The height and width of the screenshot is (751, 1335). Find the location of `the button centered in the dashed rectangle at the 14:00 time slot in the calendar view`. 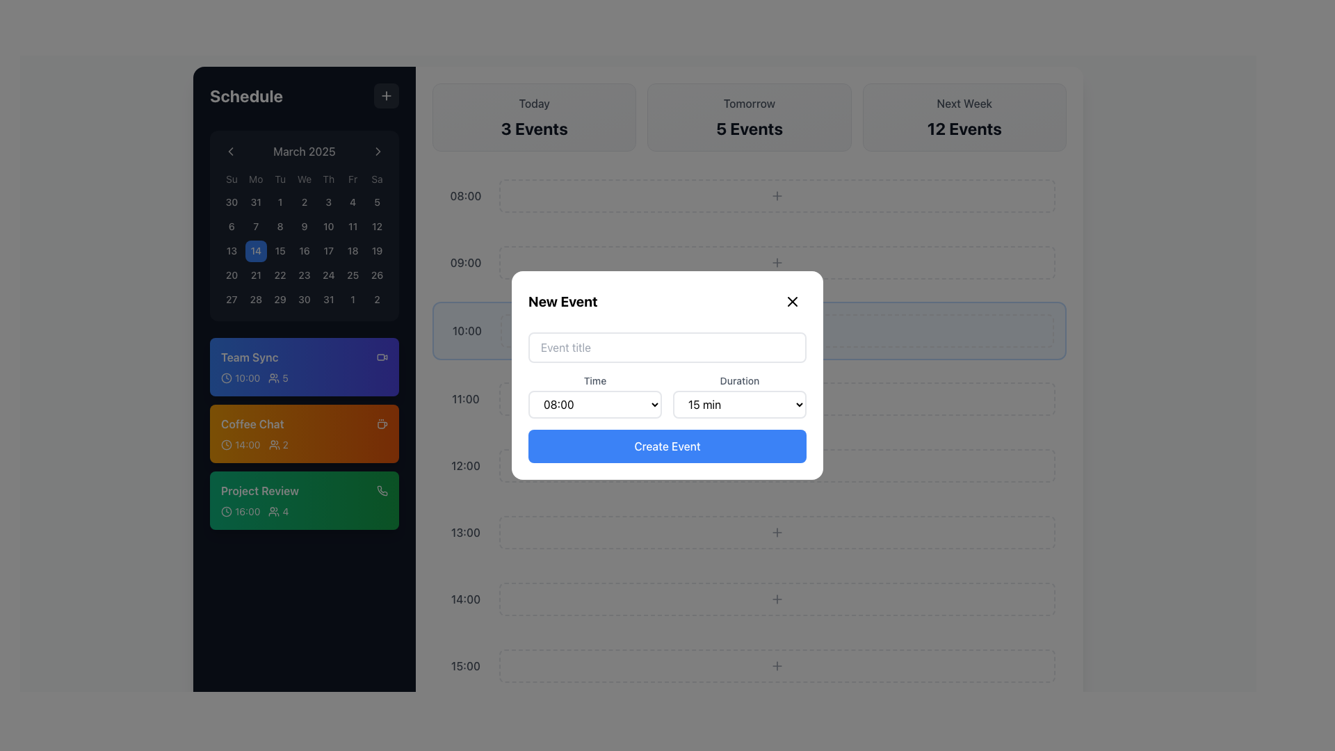

the button centered in the dashed rectangle at the 14:00 time slot in the calendar view is located at coordinates (777, 598).